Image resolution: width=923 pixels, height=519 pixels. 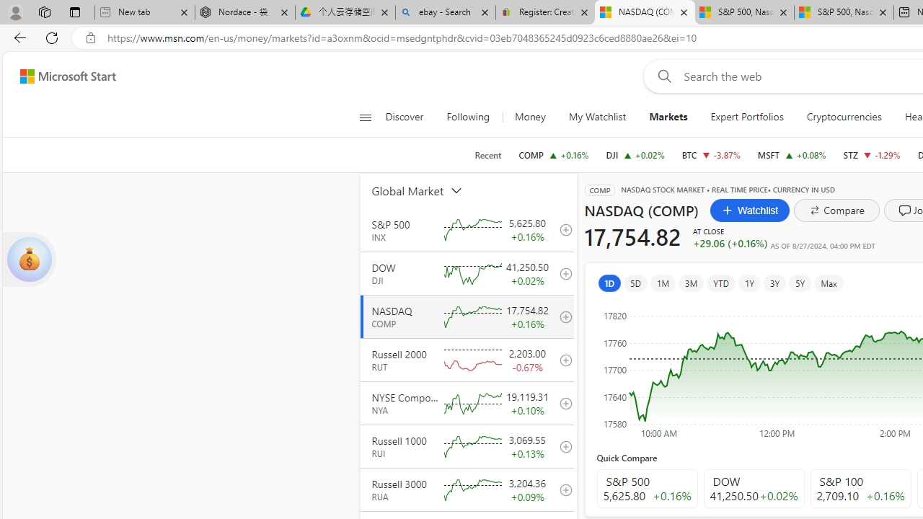 I want to click on '1M', so click(x=662, y=283).